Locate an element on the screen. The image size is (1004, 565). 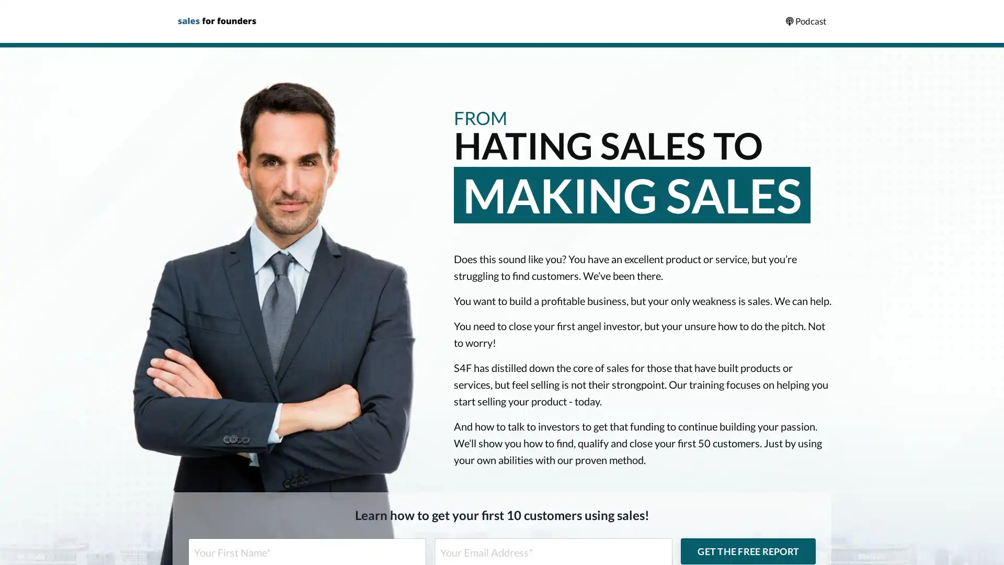
GET THE FREE REPORT is located at coordinates (747, 550).